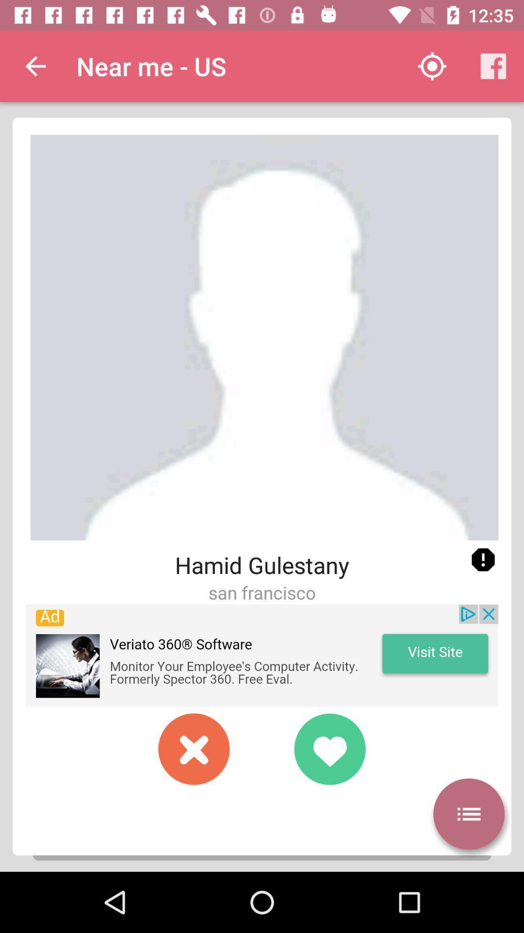  Describe the element at coordinates (194, 748) in the screenshot. I see `pass` at that location.